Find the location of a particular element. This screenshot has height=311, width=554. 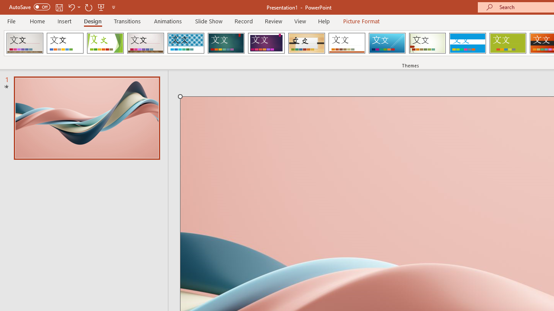

'Organic' is located at coordinates (306, 43).